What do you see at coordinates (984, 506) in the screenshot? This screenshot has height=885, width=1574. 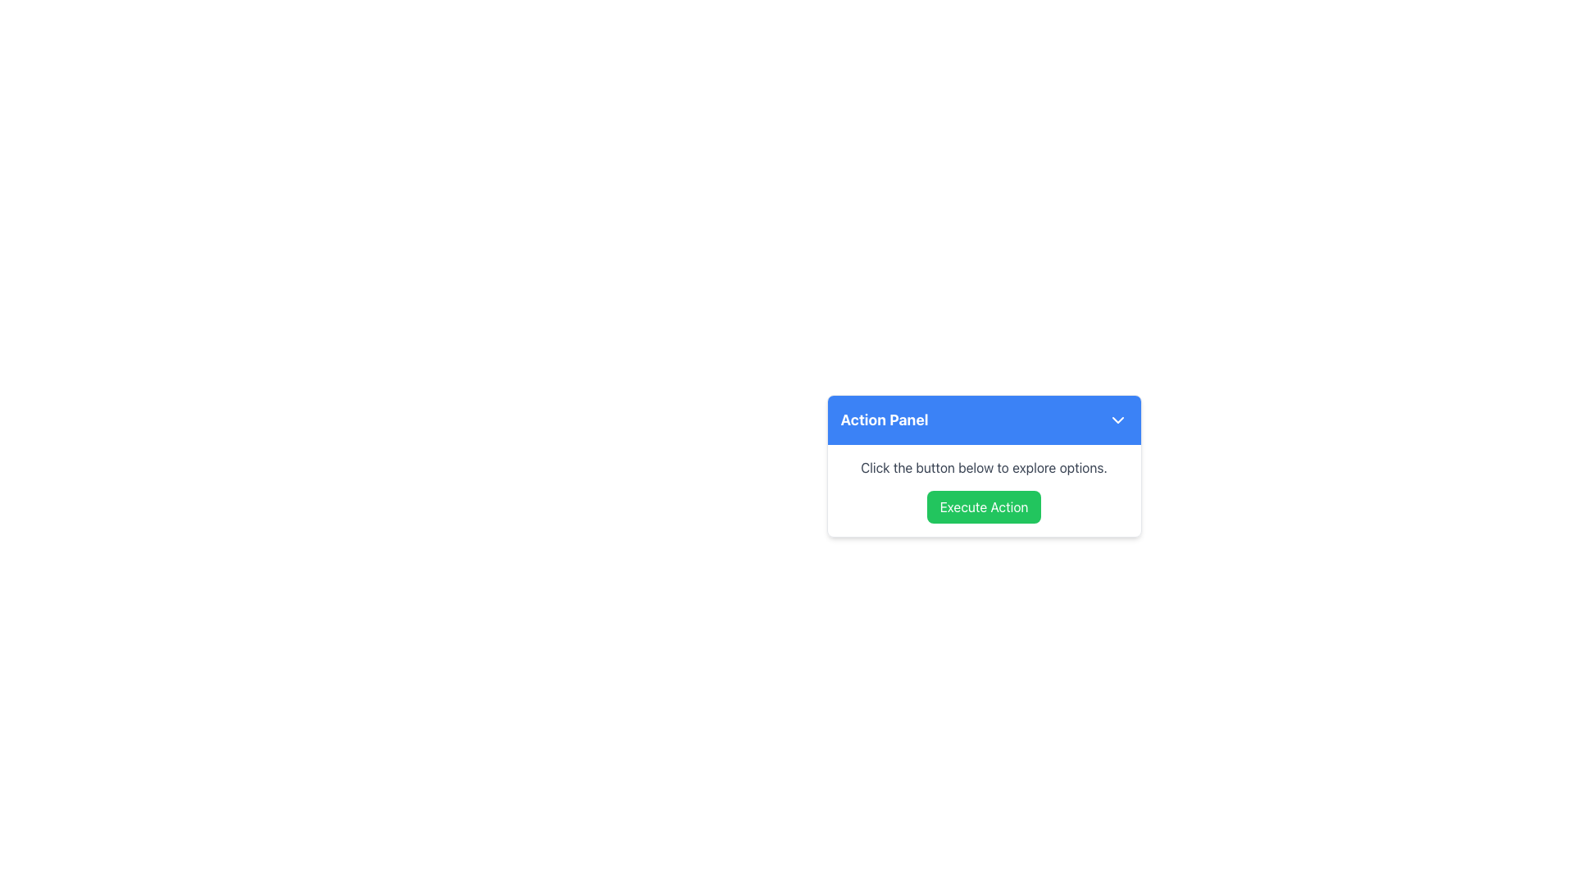 I see `the button located below the text description 'Click the button below` at bounding box center [984, 506].